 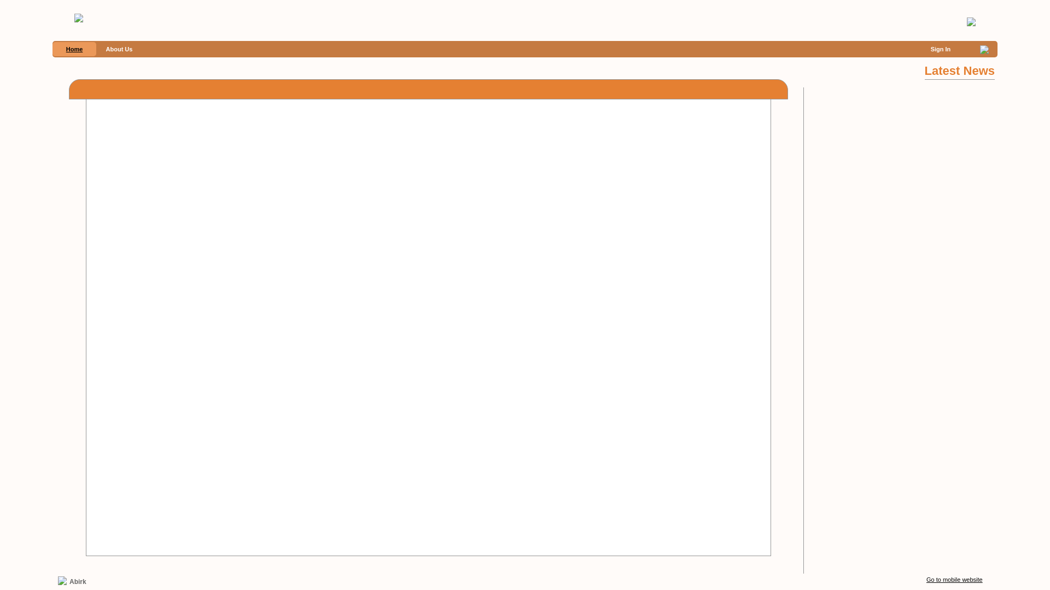 What do you see at coordinates (119, 48) in the screenshot?
I see `'About Us'` at bounding box center [119, 48].